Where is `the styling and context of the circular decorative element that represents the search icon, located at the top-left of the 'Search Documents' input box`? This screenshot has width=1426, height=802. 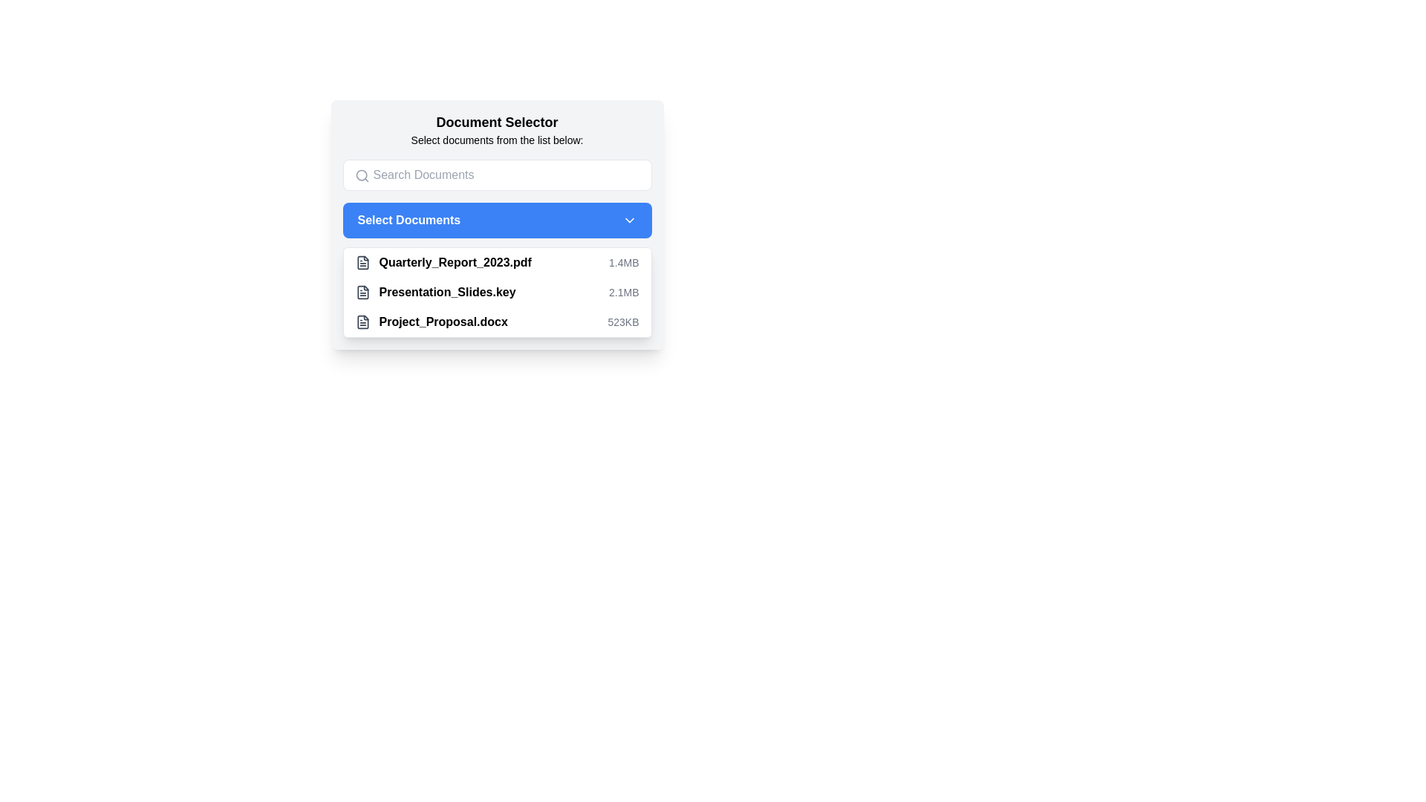 the styling and context of the circular decorative element that represents the search icon, located at the top-left of the 'Search Documents' input box is located at coordinates (361, 175).